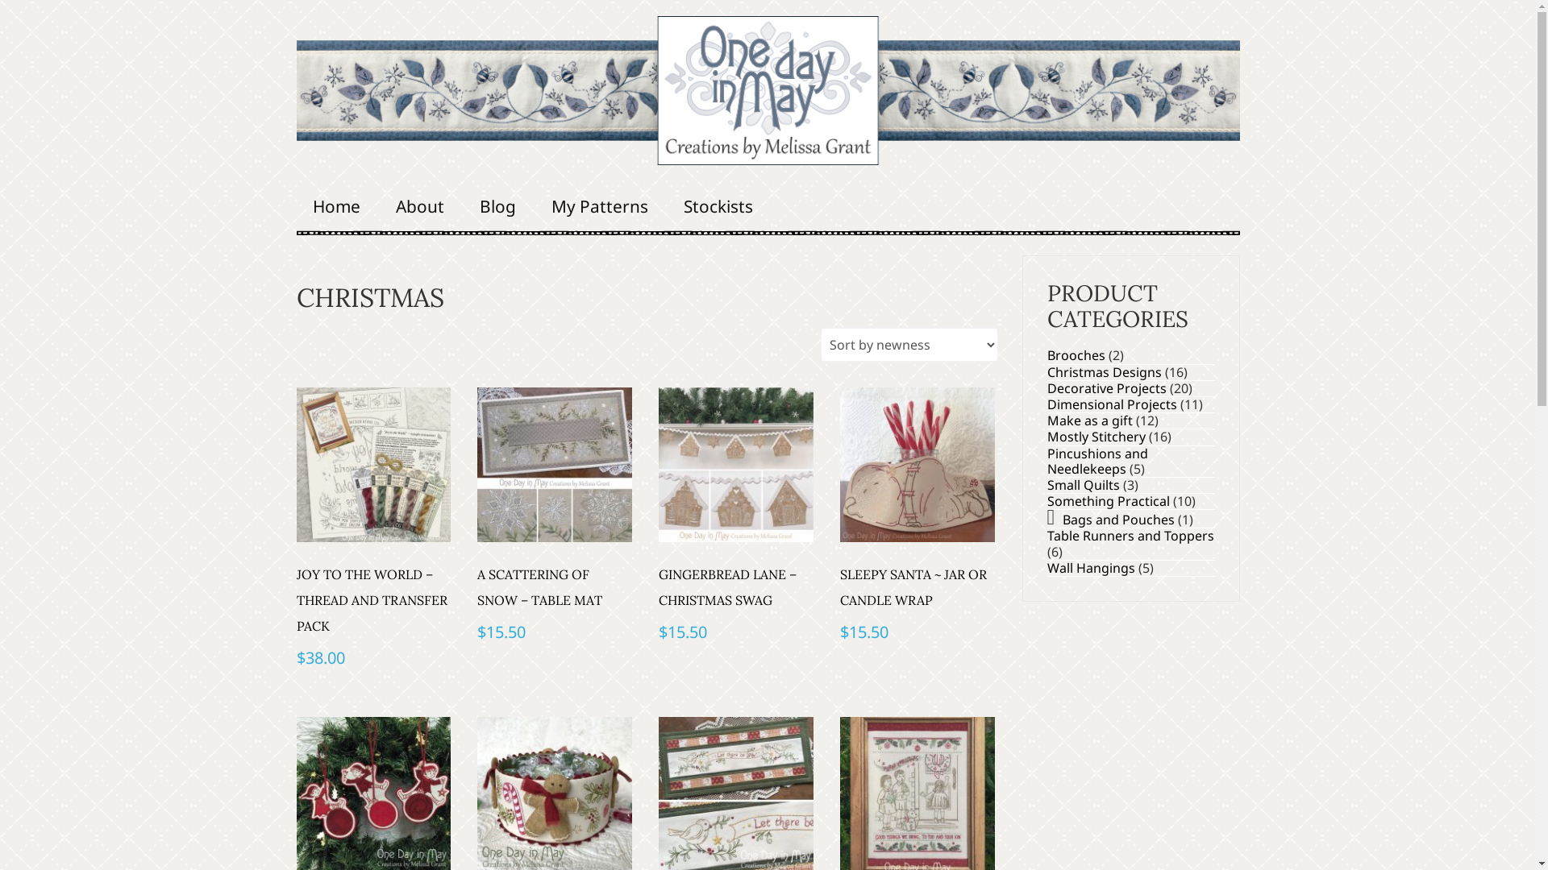  What do you see at coordinates (768, 90) in the screenshot?
I see `'Creations By Melissa Grant'` at bounding box center [768, 90].